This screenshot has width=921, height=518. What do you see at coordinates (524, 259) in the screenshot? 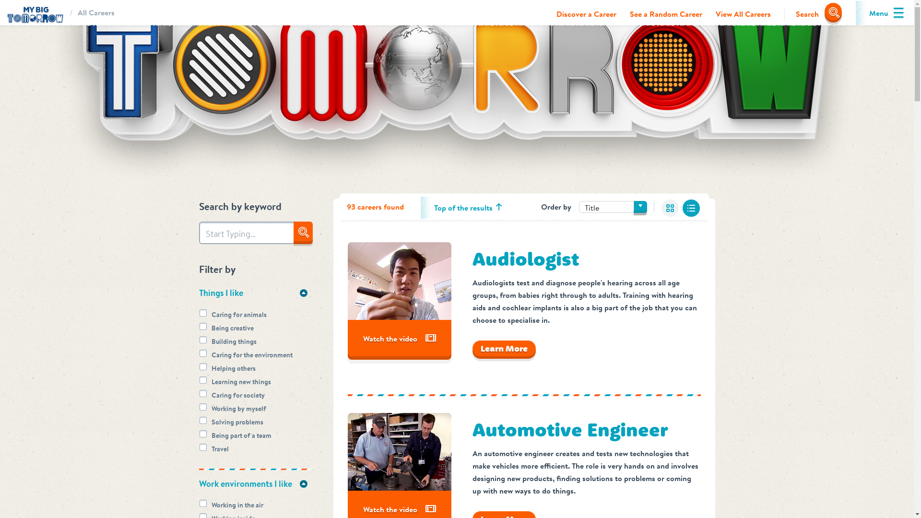
I see `'Audiologist'` at bounding box center [524, 259].